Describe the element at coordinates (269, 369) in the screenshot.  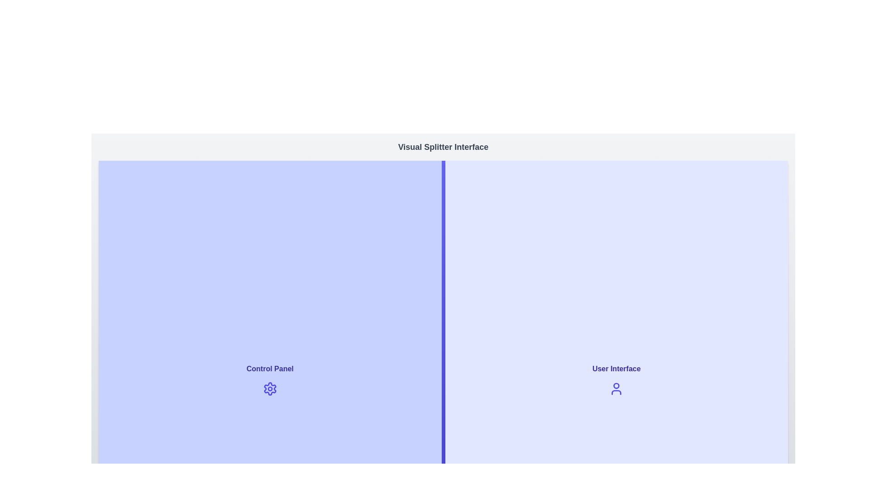
I see `the Text Label indicating 'Control Panel', which serves as a descriptive label in the left section of the split-panel layout, positioned slightly above the center horizontally` at that location.